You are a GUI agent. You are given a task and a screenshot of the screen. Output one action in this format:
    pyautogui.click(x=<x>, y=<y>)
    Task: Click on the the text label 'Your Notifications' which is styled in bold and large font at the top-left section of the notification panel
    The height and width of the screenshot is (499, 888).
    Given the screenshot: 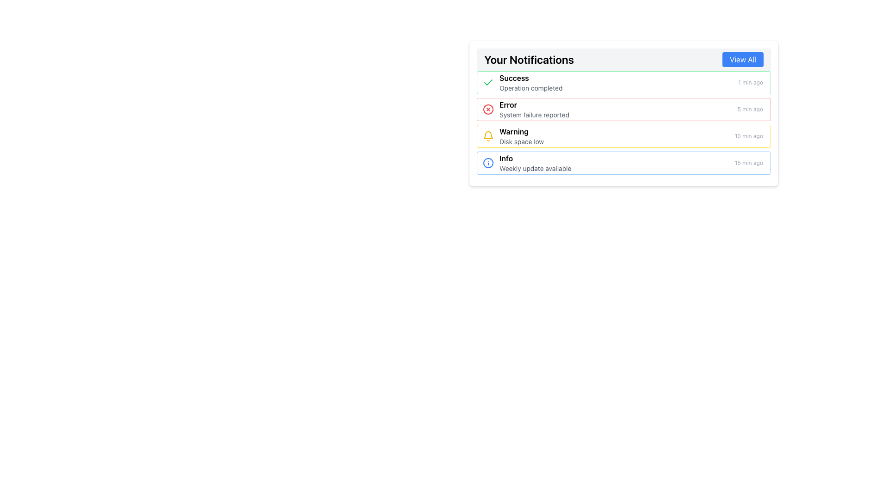 What is the action you would take?
    pyautogui.click(x=529, y=59)
    